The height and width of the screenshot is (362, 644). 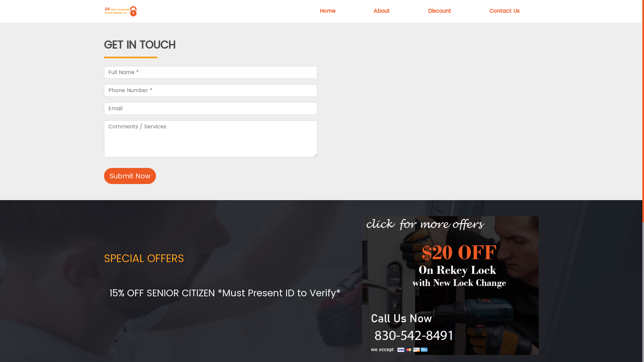 What do you see at coordinates (130, 175) in the screenshot?
I see `'Submit Now'` at bounding box center [130, 175].